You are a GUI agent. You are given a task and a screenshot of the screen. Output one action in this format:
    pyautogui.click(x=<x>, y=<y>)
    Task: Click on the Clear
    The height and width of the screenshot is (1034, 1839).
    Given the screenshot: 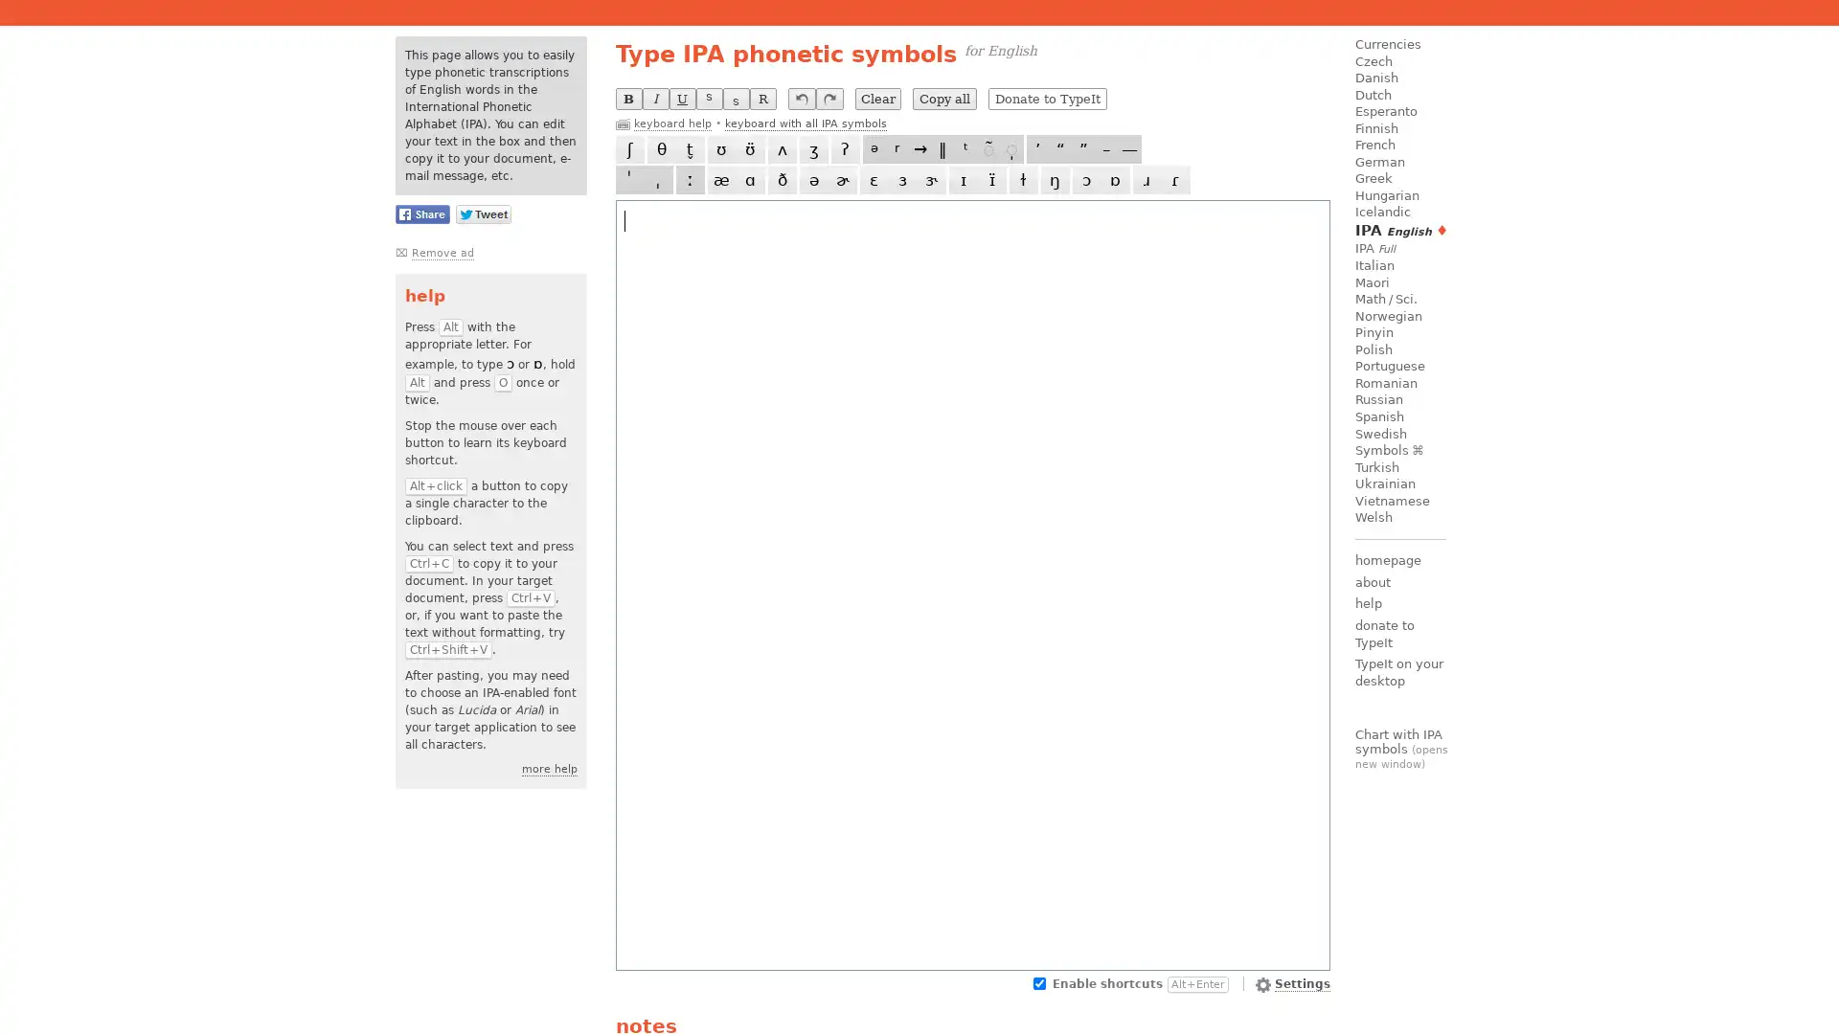 What is the action you would take?
    pyautogui.click(x=876, y=99)
    